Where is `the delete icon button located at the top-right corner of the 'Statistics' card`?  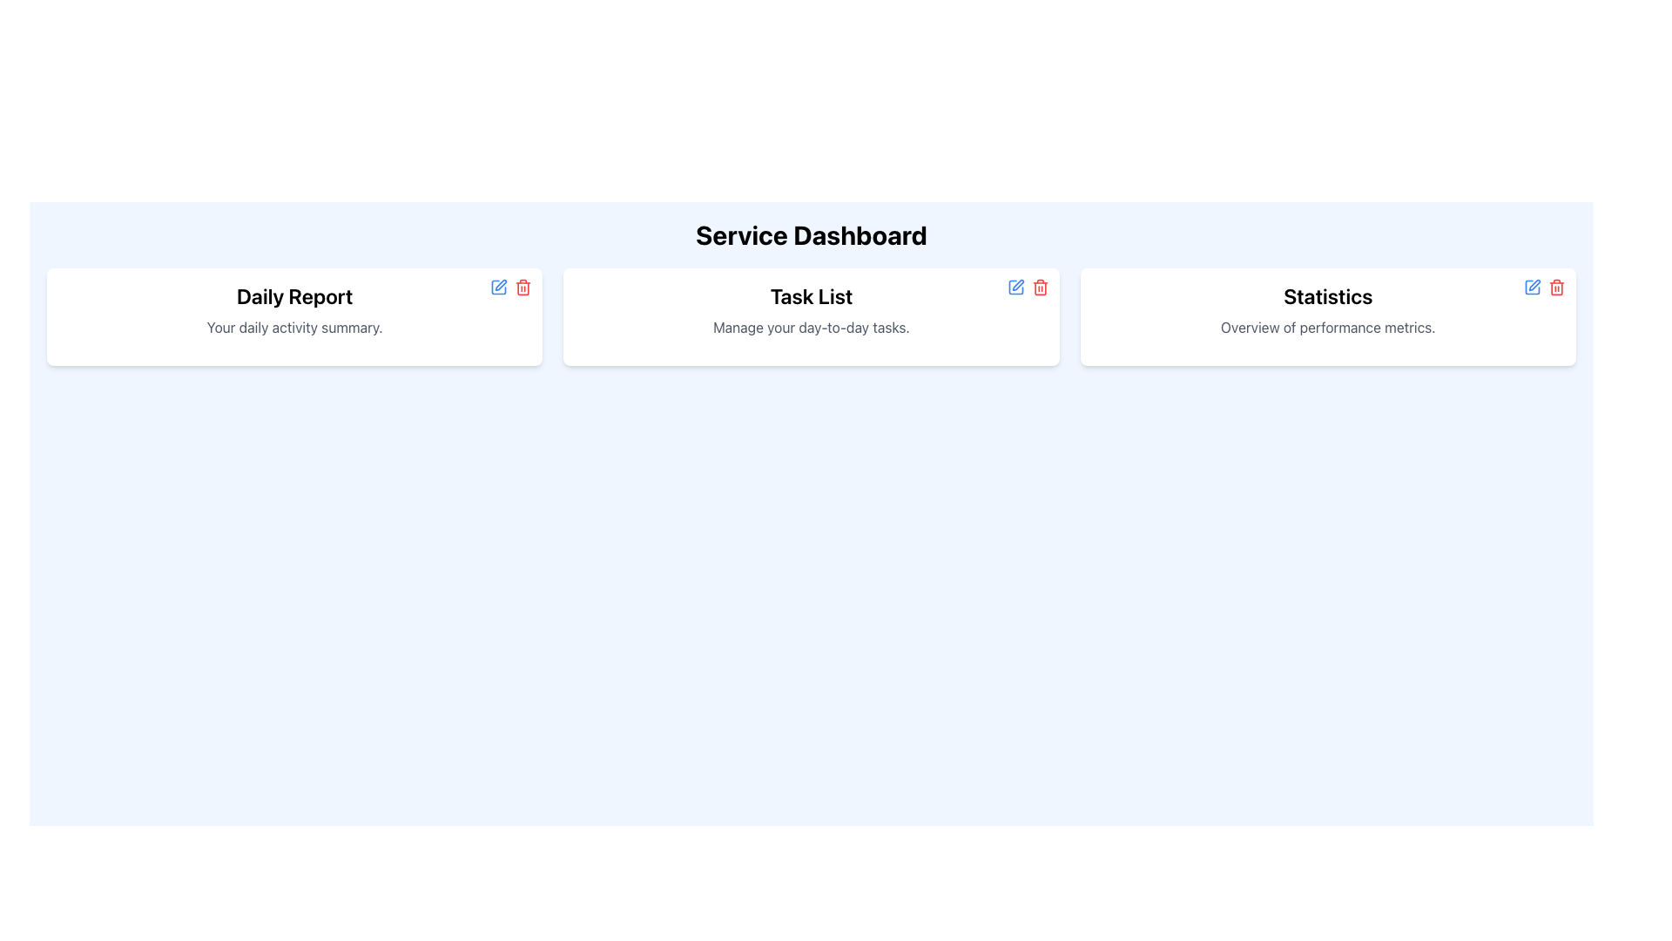 the delete icon button located at the top-right corner of the 'Statistics' card is located at coordinates (1556, 287).